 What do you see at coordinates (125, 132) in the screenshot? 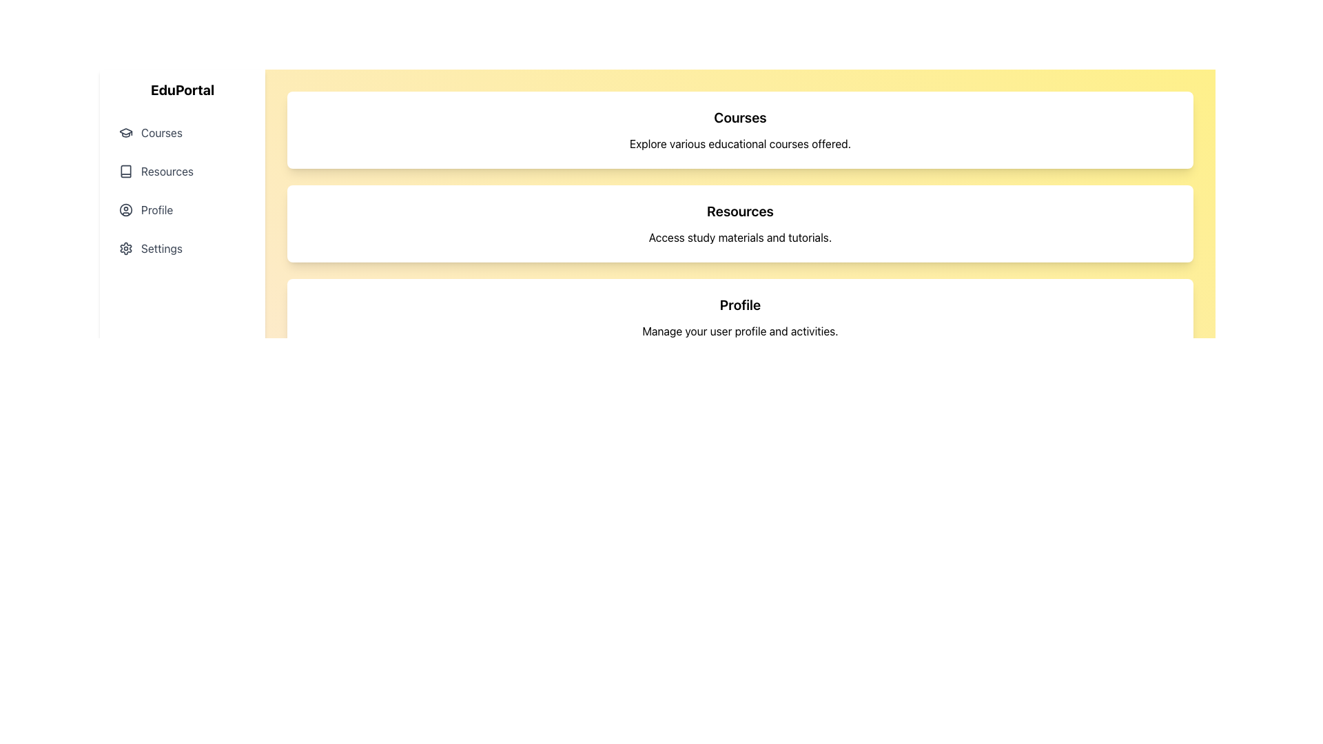
I see `the graduation cap icon located on the left sidebar of the application interface` at bounding box center [125, 132].